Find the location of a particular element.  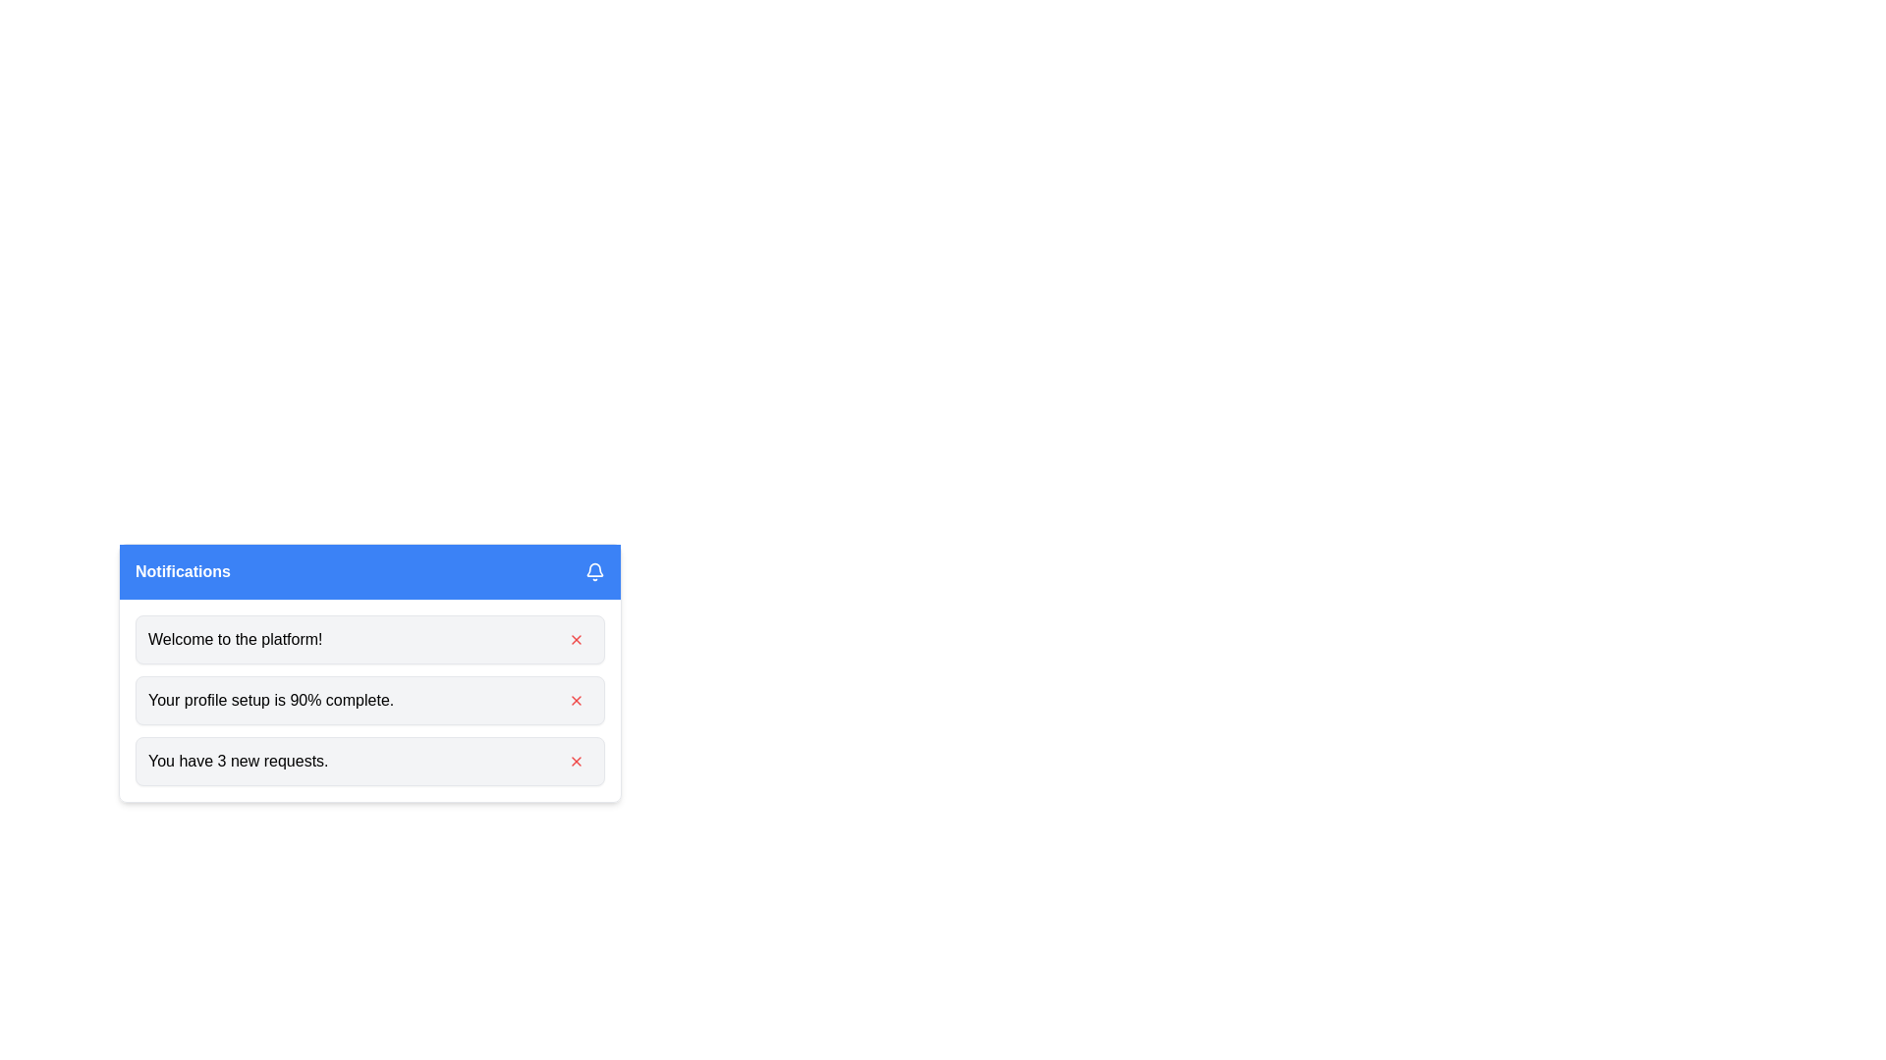

the small red 'X' icon that serves as the close button for the notification entry stating 'Your profile setup is 90% complete.' is located at coordinates (575, 699).